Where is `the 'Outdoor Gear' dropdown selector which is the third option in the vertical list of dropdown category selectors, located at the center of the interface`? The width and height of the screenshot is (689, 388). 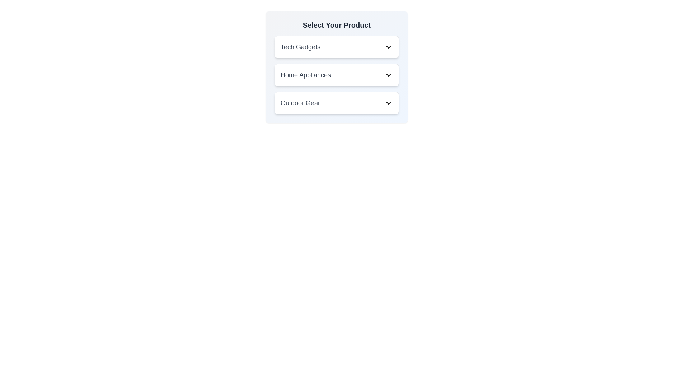 the 'Outdoor Gear' dropdown selector which is the third option in the vertical list of dropdown category selectors, located at the center of the interface is located at coordinates (336, 103).